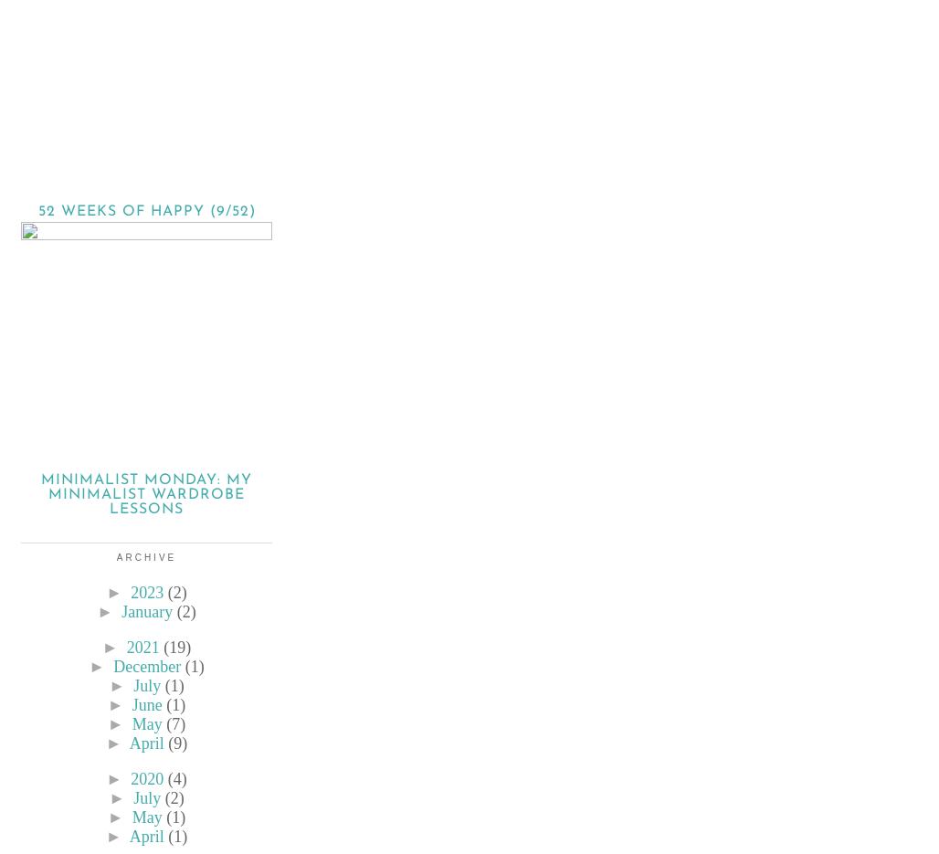  What do you see at coordinates (146, 612) in the screenshot?
I see `'January'` at bounding box center [146, 612].